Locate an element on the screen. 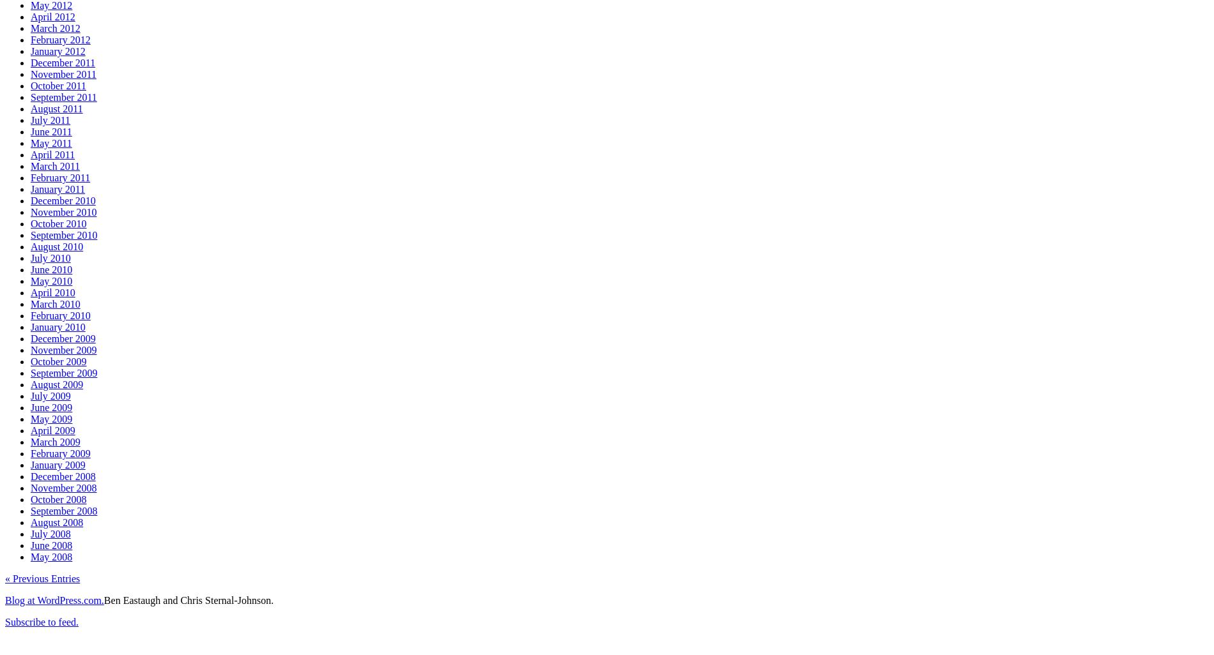  'April 2011' is located at coordinates (52, 154).